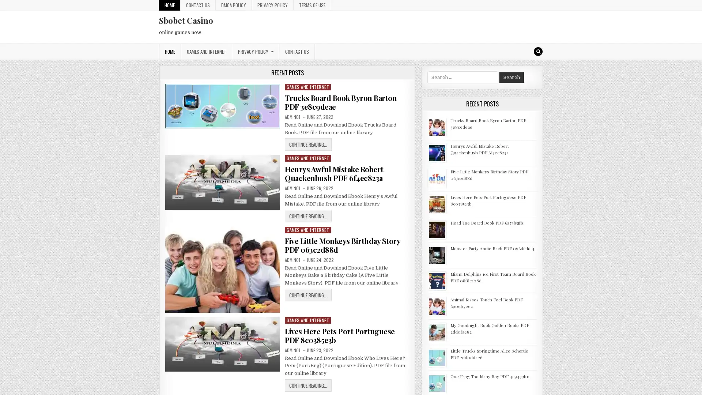 This screenshot has width=702, height=395. I want to click on Search, so click(511, 77).